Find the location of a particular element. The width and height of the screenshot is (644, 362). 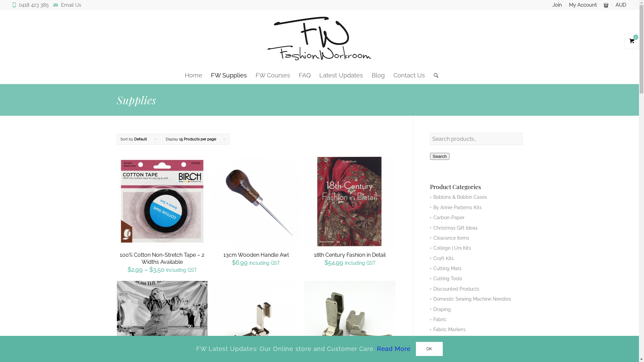

'Blog' is located at coordinates (367, 75).